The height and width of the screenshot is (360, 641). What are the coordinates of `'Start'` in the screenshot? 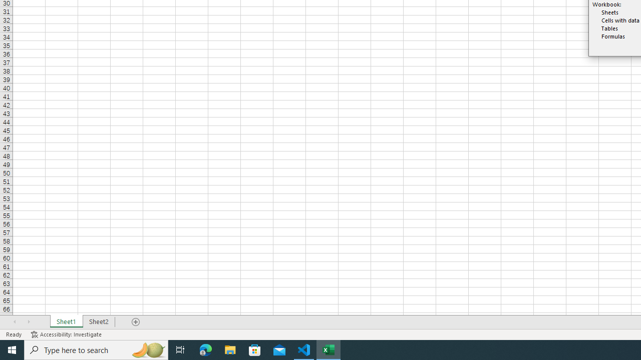 It's located at (12, 349).